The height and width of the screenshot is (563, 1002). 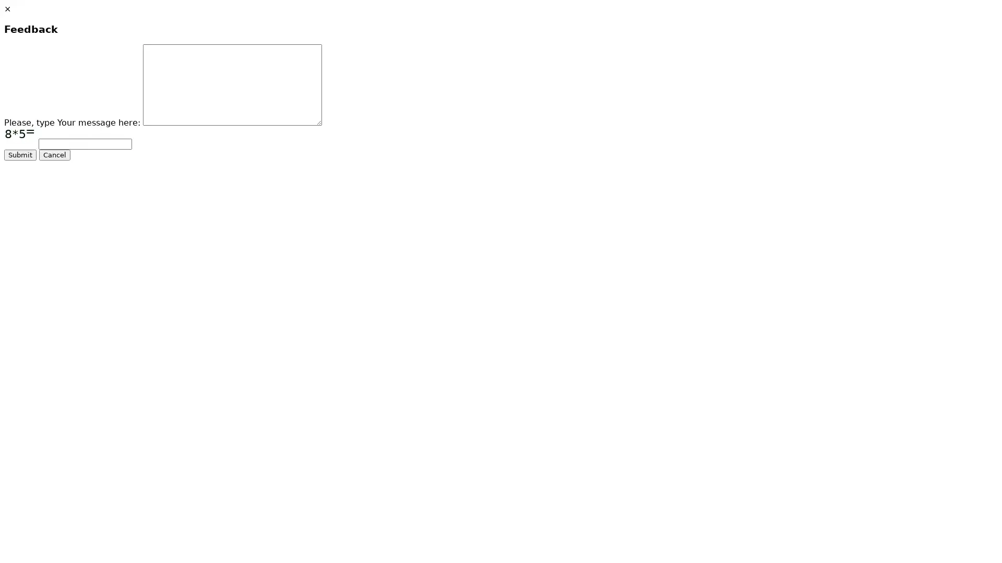 What do you see at coordinates (54, 155) in the screenshot?
I see `Cancel` at bounding box center [54, 155].